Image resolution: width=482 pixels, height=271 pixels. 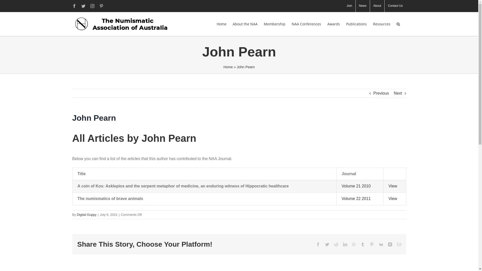 What do you see at coordinates (371, 244) in the screenshot?
I see `'Pinterest'` at bounding box center [371, 244].